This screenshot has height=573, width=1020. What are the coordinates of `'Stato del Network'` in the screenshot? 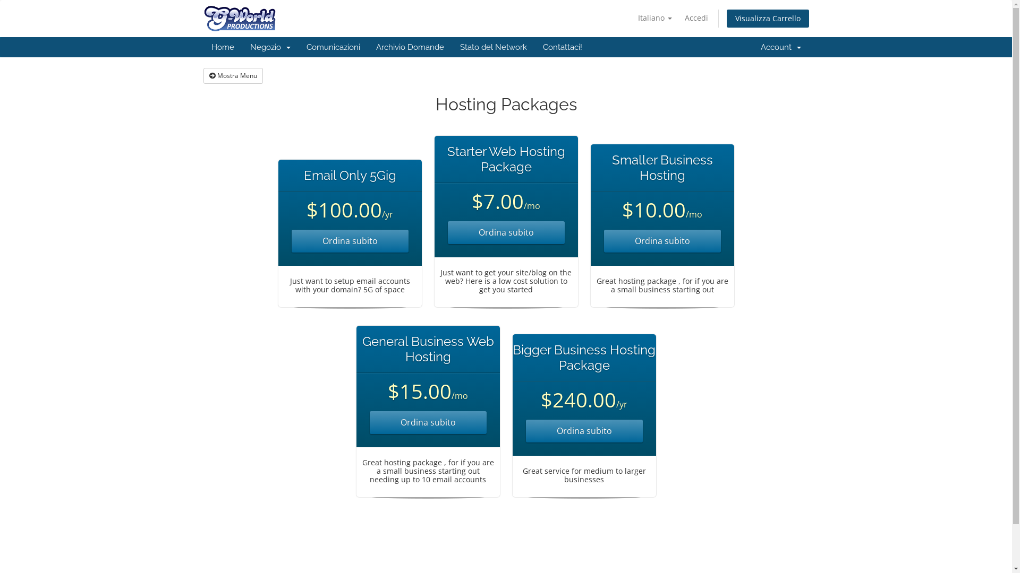 It's located at (492, 46).